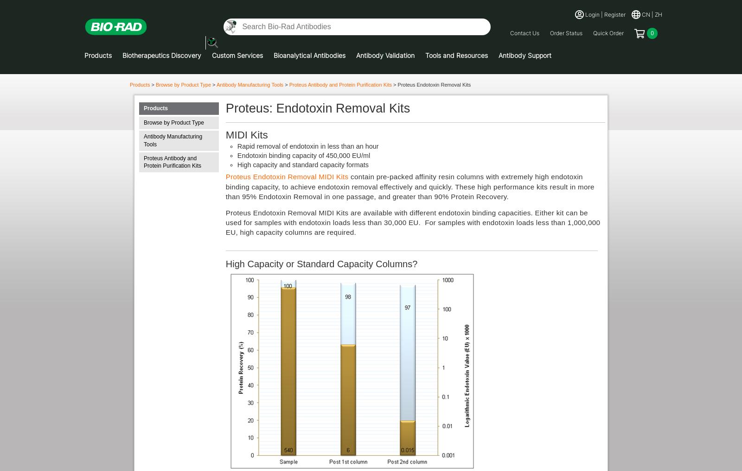 This screenshot has width=742, height=471. Describe the element at coordinates (605, 14) in the screenshot. I see `'Login | Register'` at that location.